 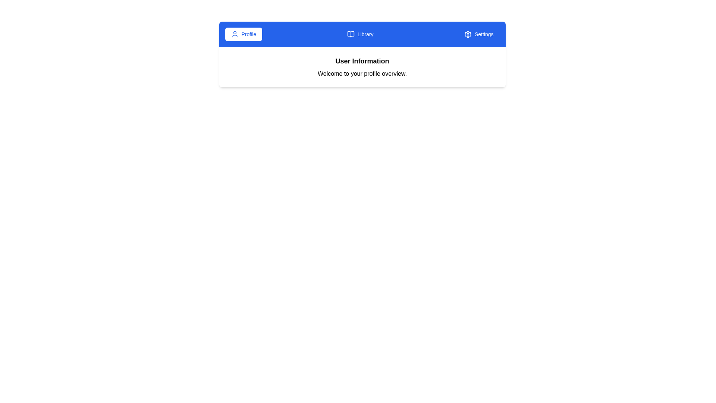 I want to click on the settings icon located in the top-right corner of the navigation bar next to the 'Settings' text, so click(x=467, y=34).